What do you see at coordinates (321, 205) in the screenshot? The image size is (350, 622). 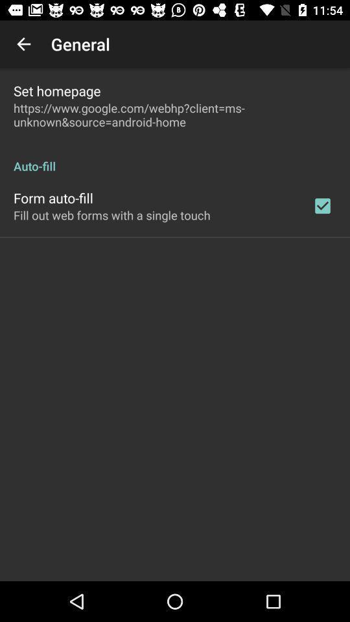 I see `app next to the fill out web icon` at bounding box center [321, 205].